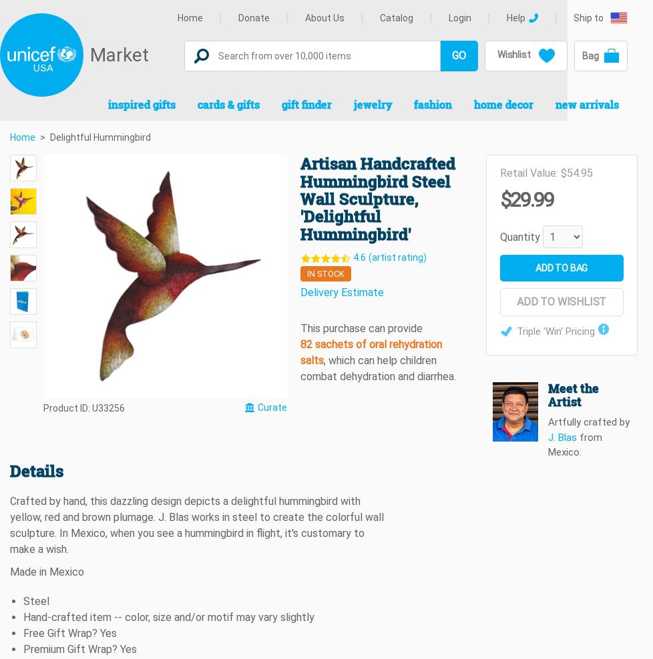 Image resolution: width=653 pixels, height=659 pixels. What do you see at coordinates (515, 17) in the screenshot?
I see `'Help'` at bounding box center [515, 17].